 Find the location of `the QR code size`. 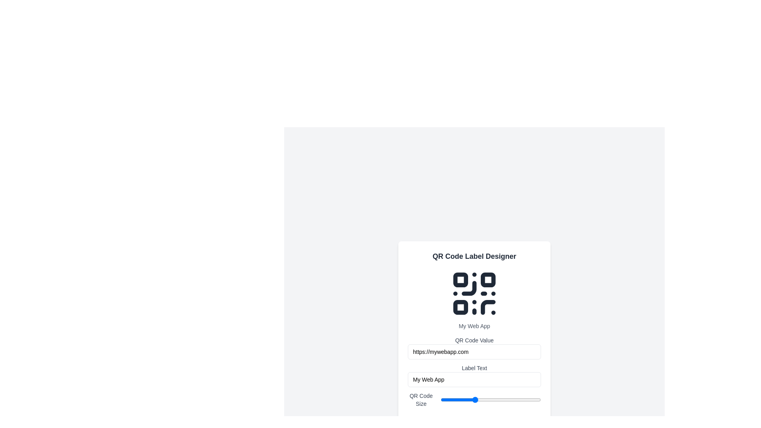

the QR code size is located at coordinates (454, 400).